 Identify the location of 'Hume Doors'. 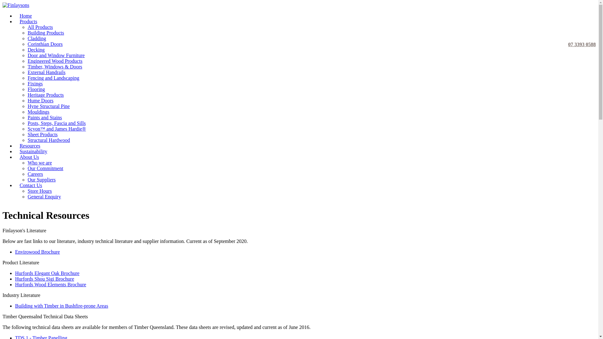
(40, 100).